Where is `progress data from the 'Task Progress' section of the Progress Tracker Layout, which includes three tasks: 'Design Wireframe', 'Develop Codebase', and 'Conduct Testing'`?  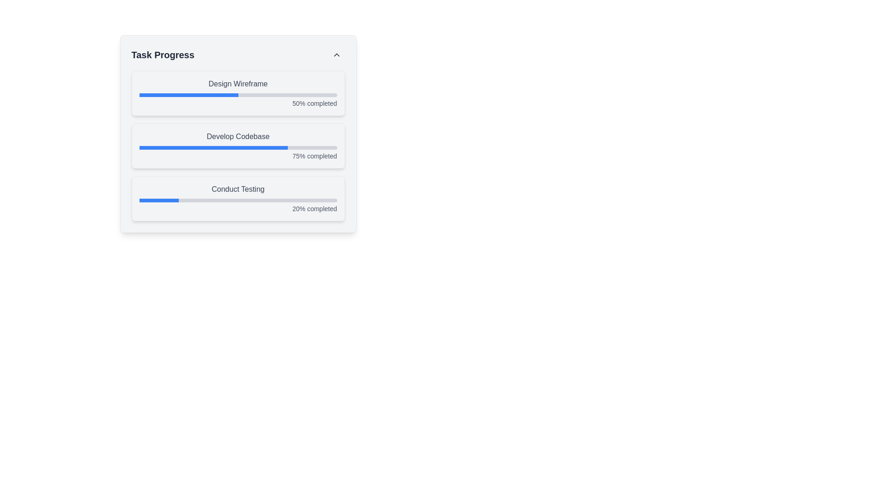 progress data from the 'Task Progress' section of the Progress Tracker Layout, which includes three tasks: 'Design Wireframe', 'Develop Codebase', and 'Conduct Testing' is located at coordinates (238, 134).